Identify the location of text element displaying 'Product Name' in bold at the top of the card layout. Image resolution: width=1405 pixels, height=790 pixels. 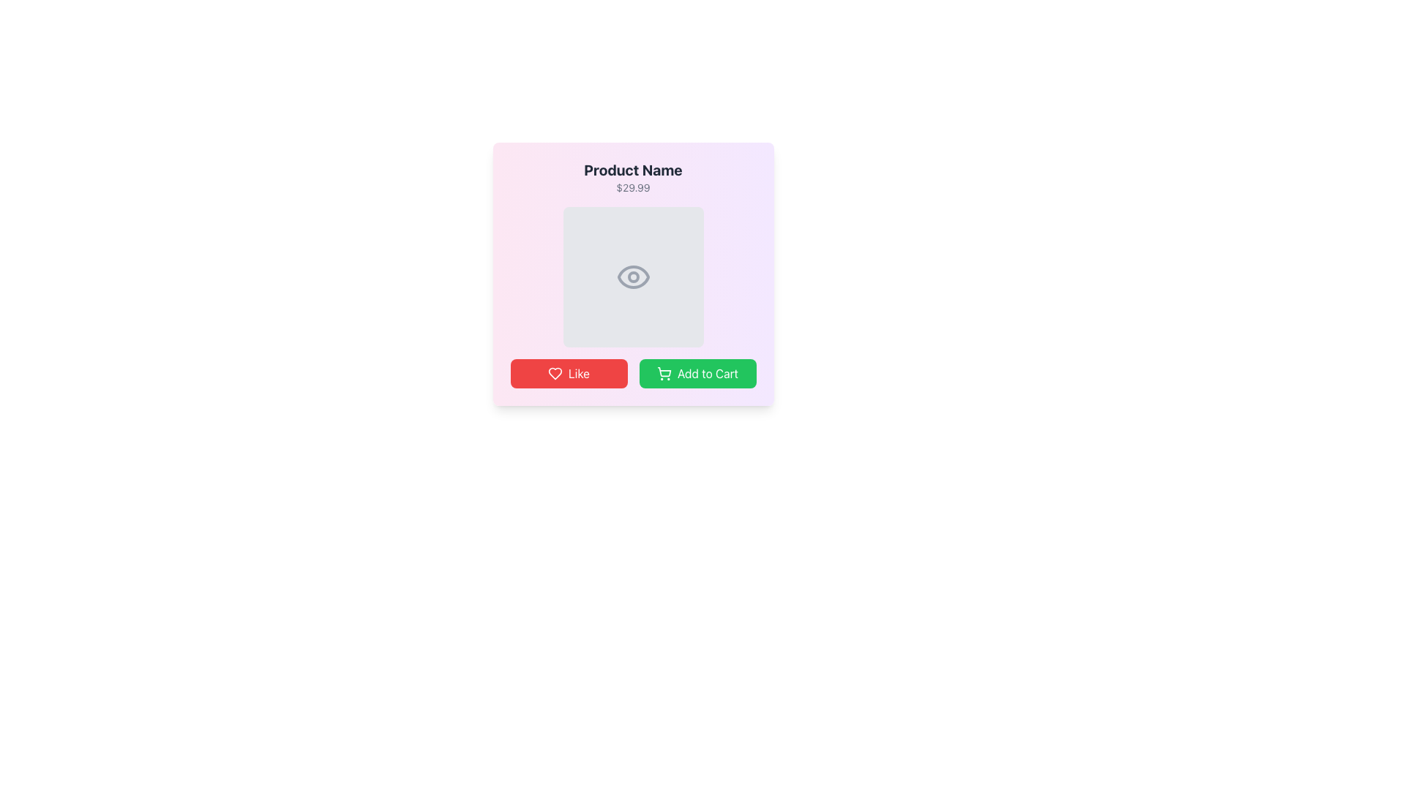
(633, 169).